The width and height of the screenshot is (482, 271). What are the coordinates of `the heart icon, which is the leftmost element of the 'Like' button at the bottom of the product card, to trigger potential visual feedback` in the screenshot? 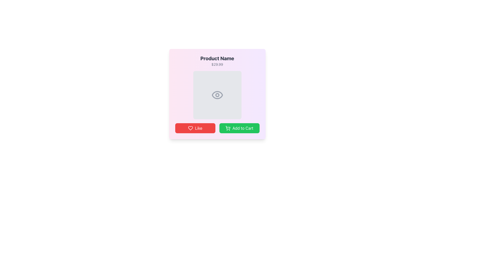 It's located at (190, 128).